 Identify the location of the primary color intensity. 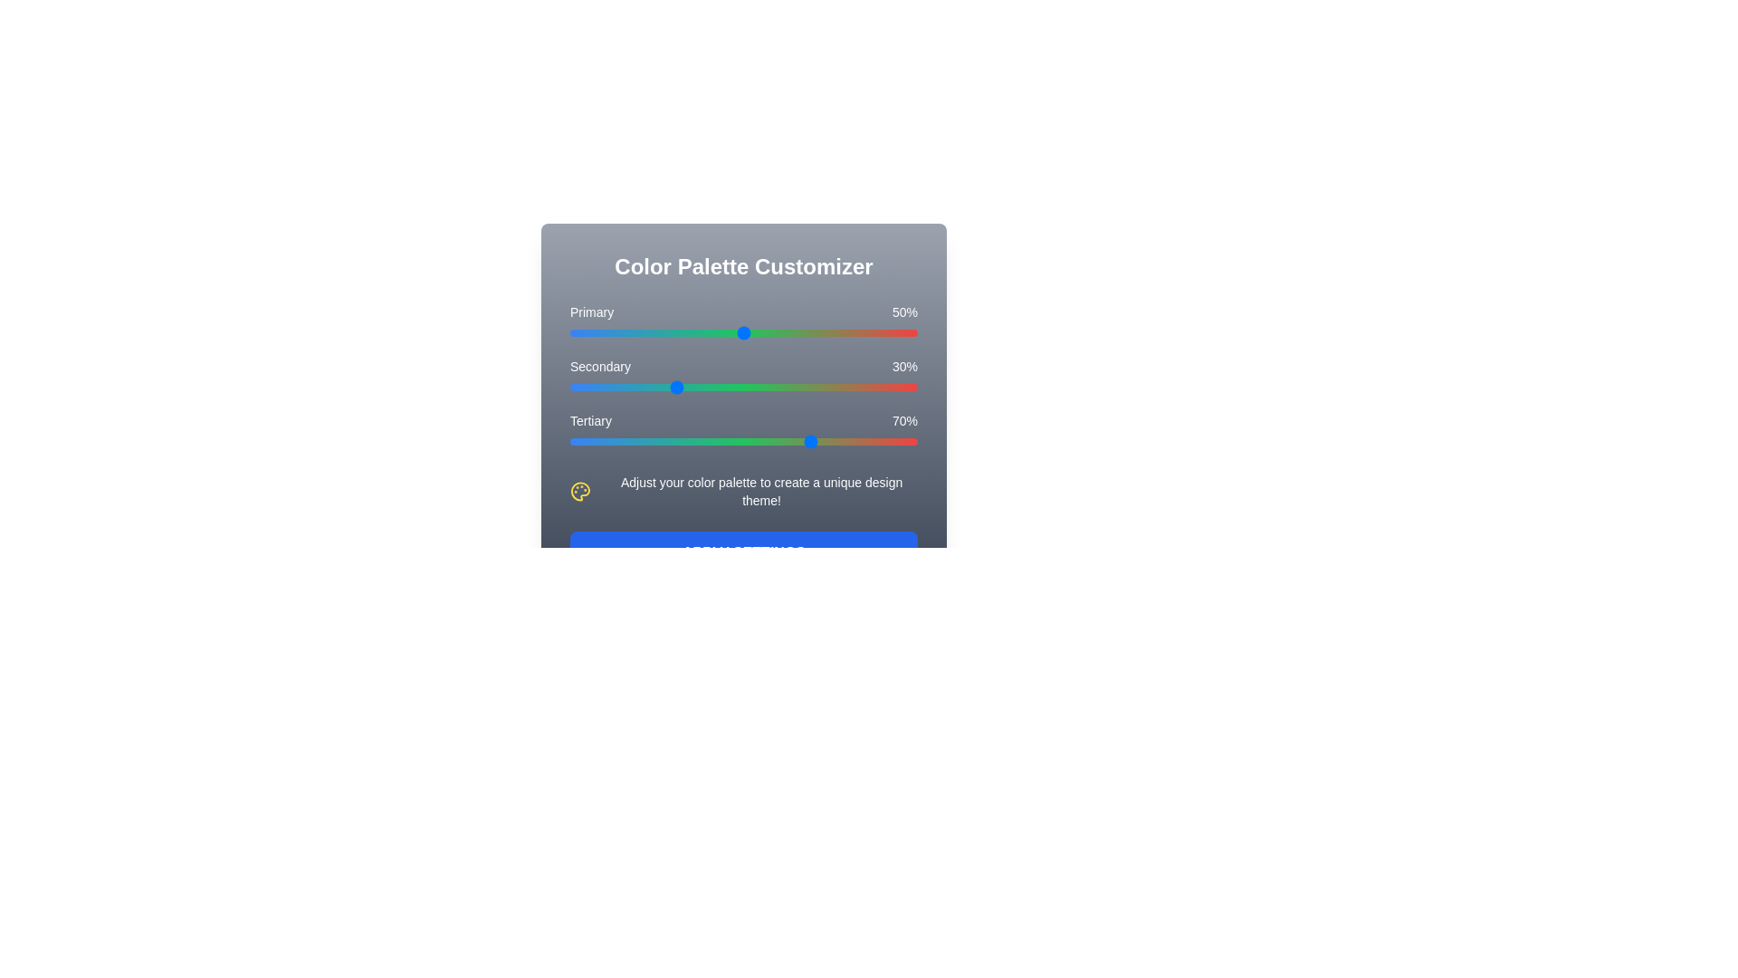
(819, 332).